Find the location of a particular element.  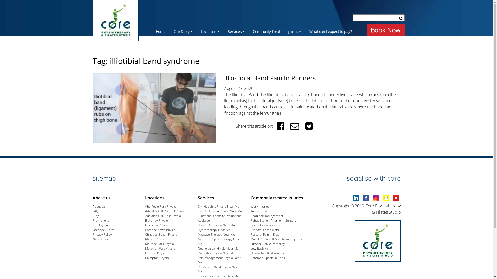

'Pre & Post Natal Physio Near Me' is located at coordinates (218, 269).